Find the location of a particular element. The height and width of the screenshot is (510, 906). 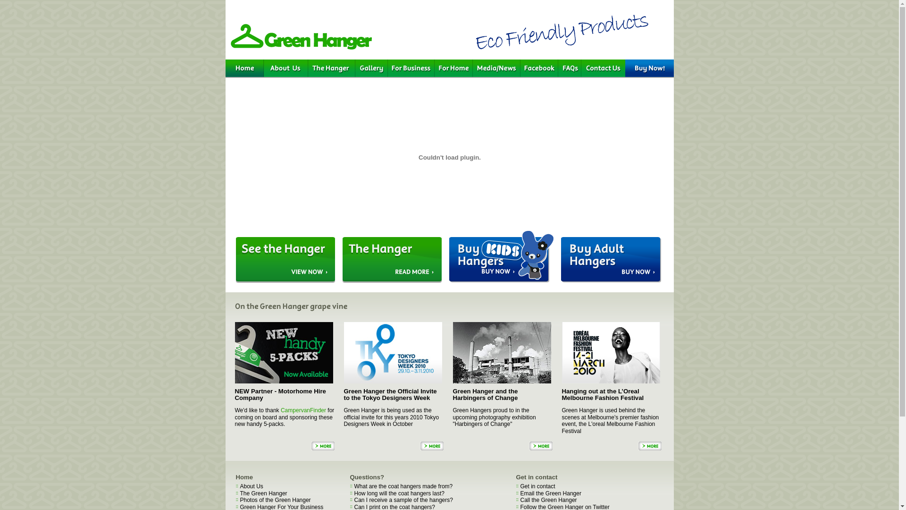

'CampervanFinder' is located at coordinates (303, 409).